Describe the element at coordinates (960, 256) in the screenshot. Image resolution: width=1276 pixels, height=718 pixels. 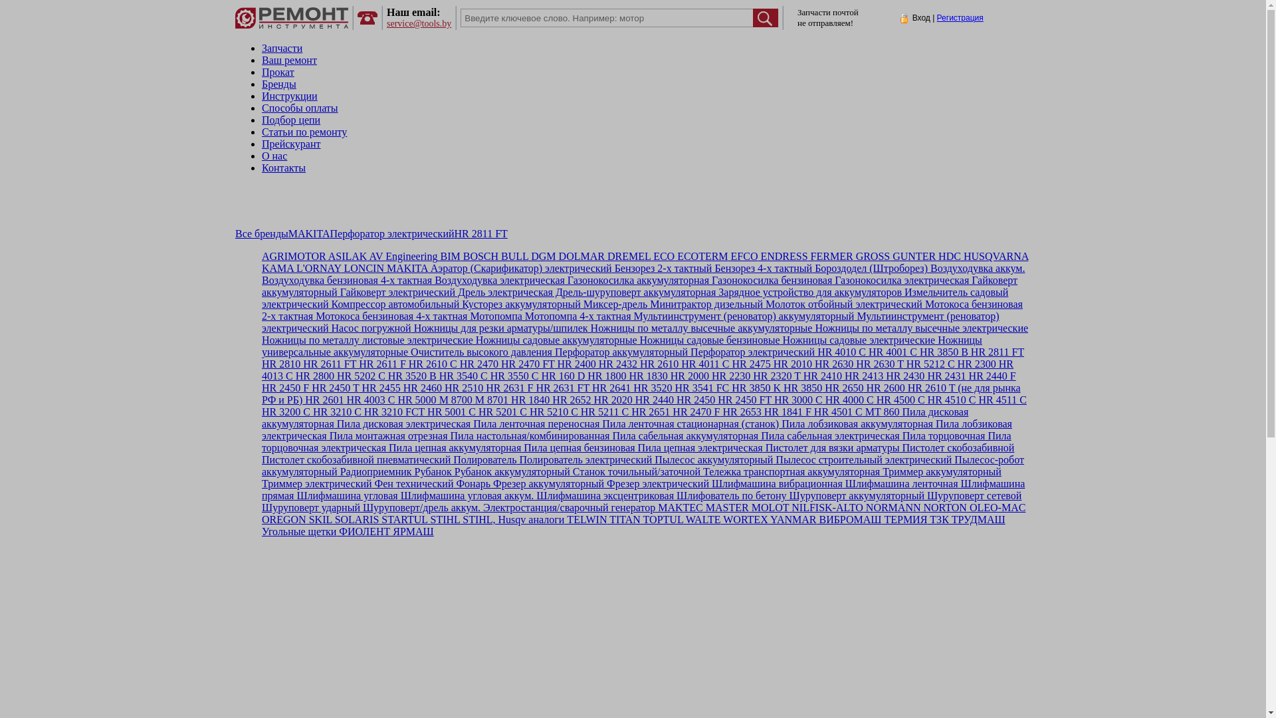
I see `'HUSQVARNA'` at that location.